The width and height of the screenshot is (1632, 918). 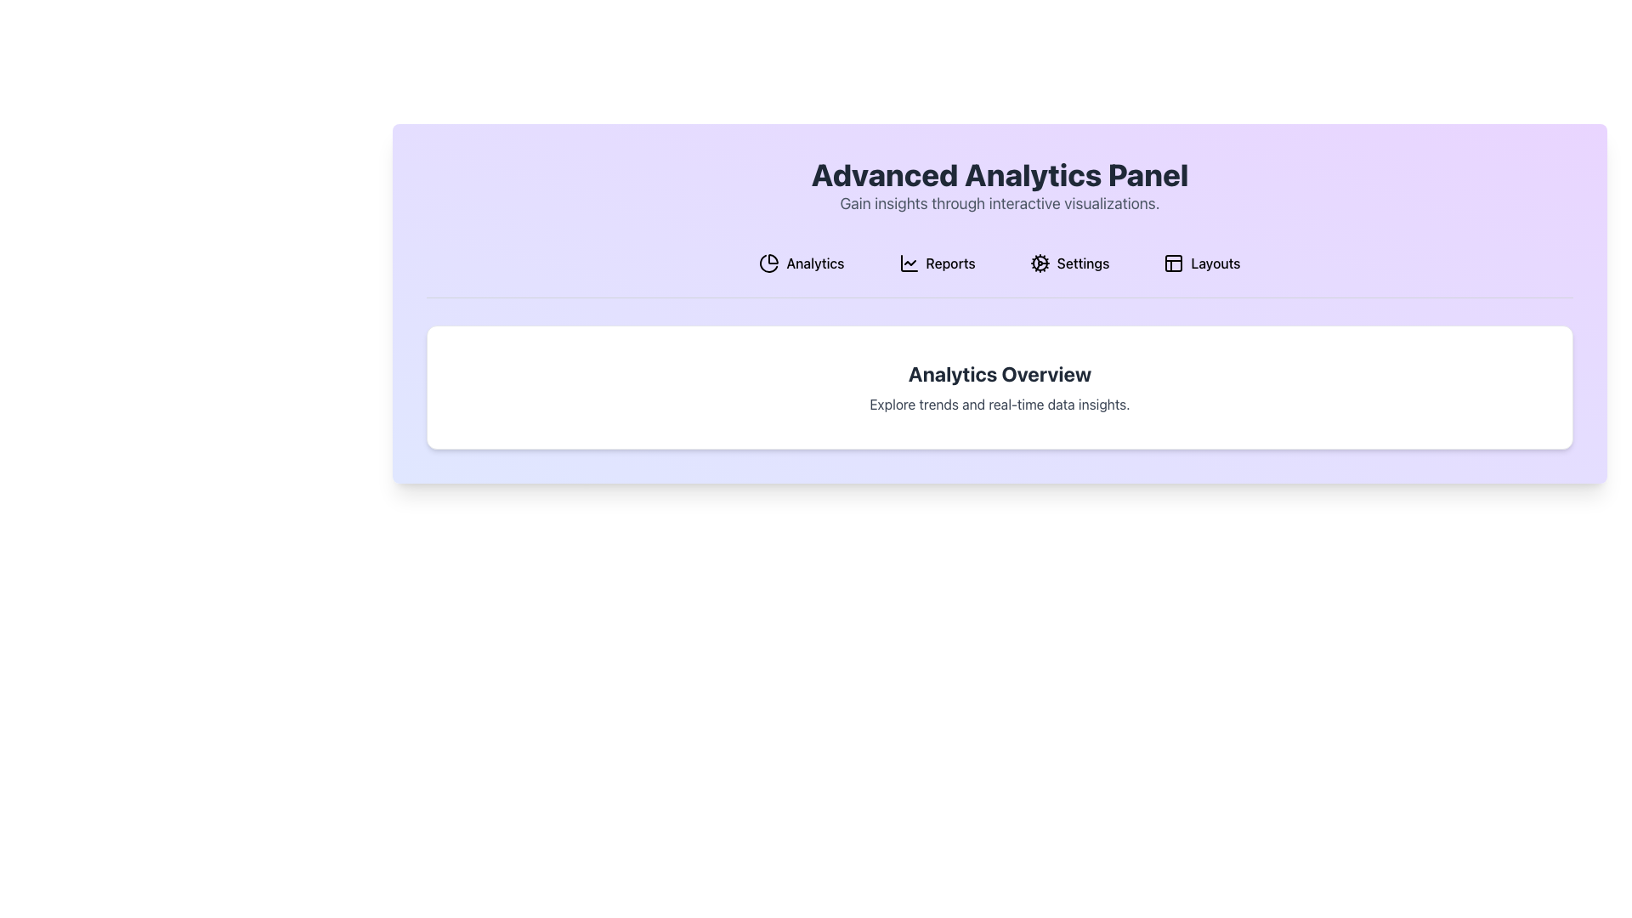 I want to click on the navigation button located in the horizontal navigation bar below 'Advanced Analytics Panel' to redirect to the settings module, so click(x=1082, y=263).